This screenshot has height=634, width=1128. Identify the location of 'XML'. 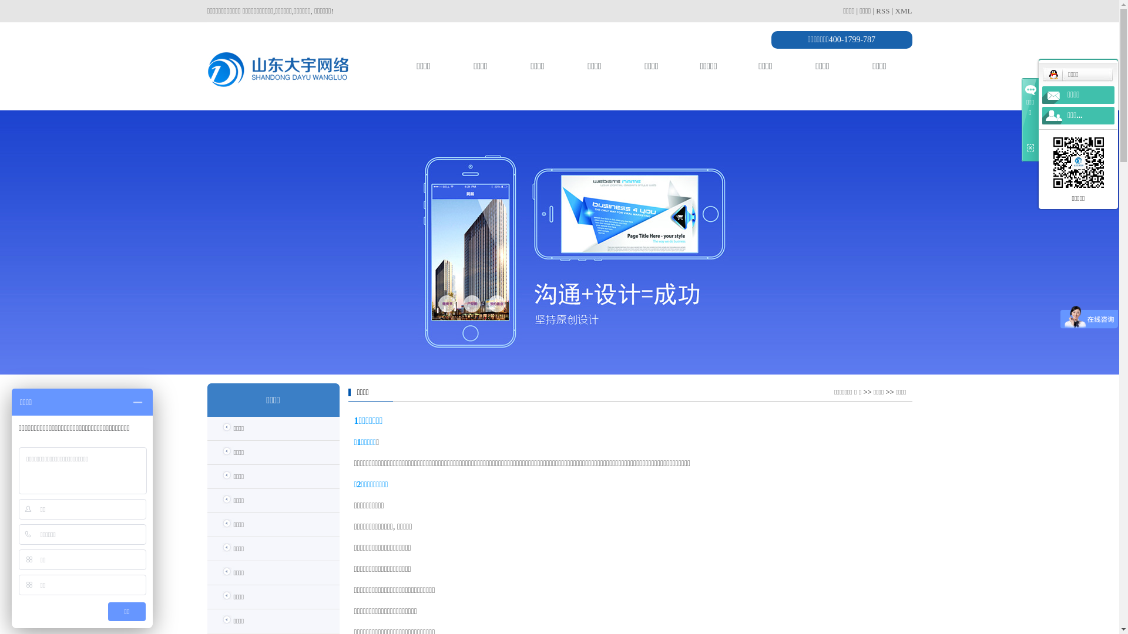
(894, 11).